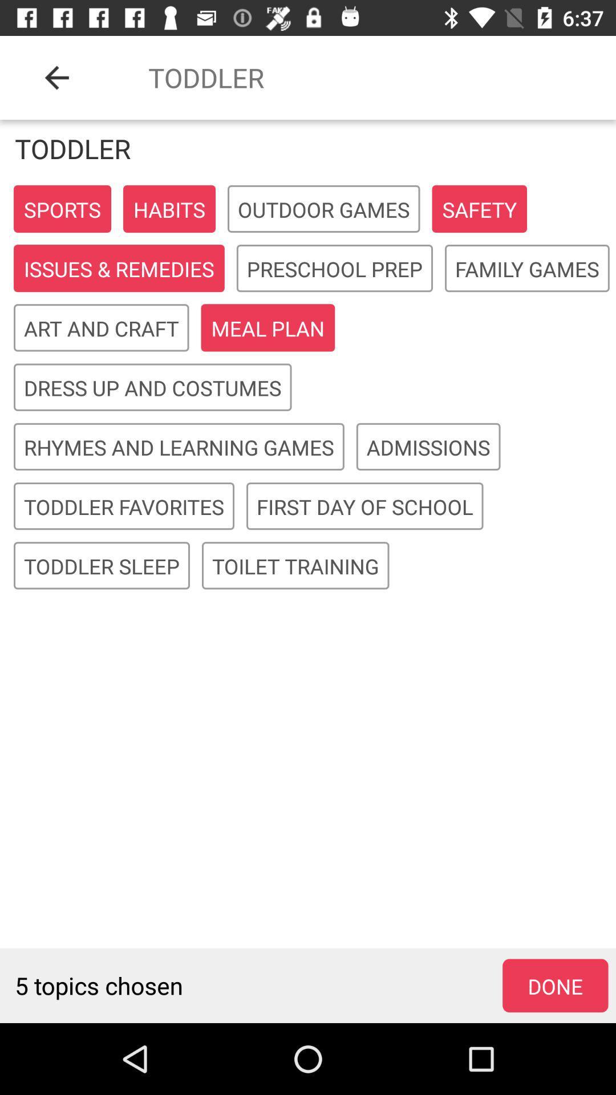 This screenshot has width=616, height=1095. I want to click on the safety right next to outdoor games, so click(479, 209).